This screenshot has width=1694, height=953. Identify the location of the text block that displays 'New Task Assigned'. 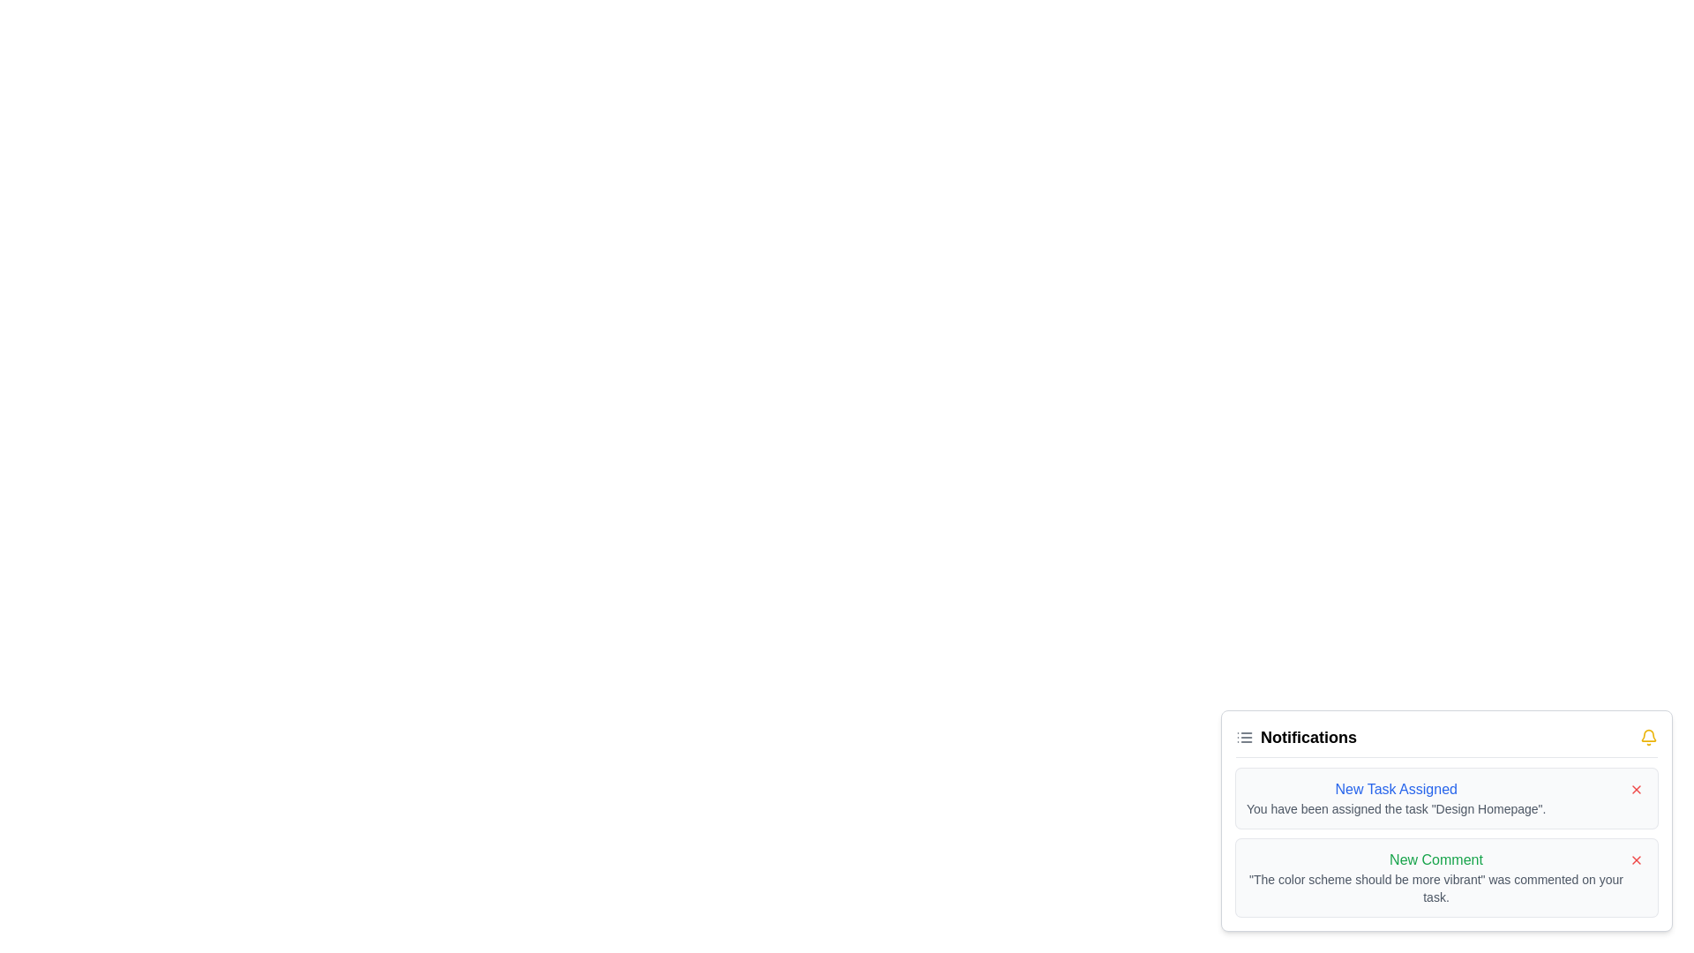
(1395, 799).